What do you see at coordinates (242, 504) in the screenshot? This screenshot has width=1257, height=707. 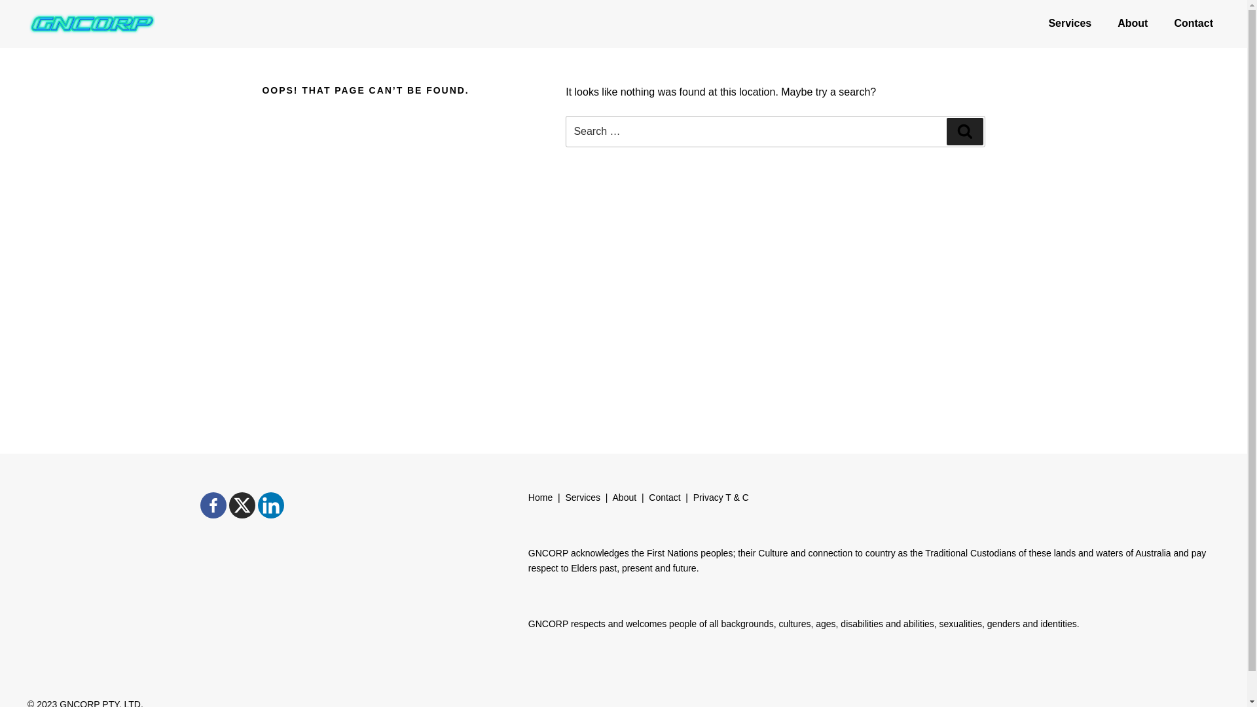 I see `'X'` at bounding box center [242, 504].